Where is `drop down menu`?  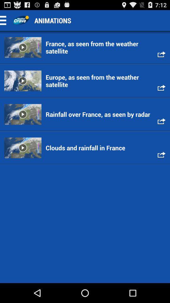
drop down menu is located at coordinates (5, 20).